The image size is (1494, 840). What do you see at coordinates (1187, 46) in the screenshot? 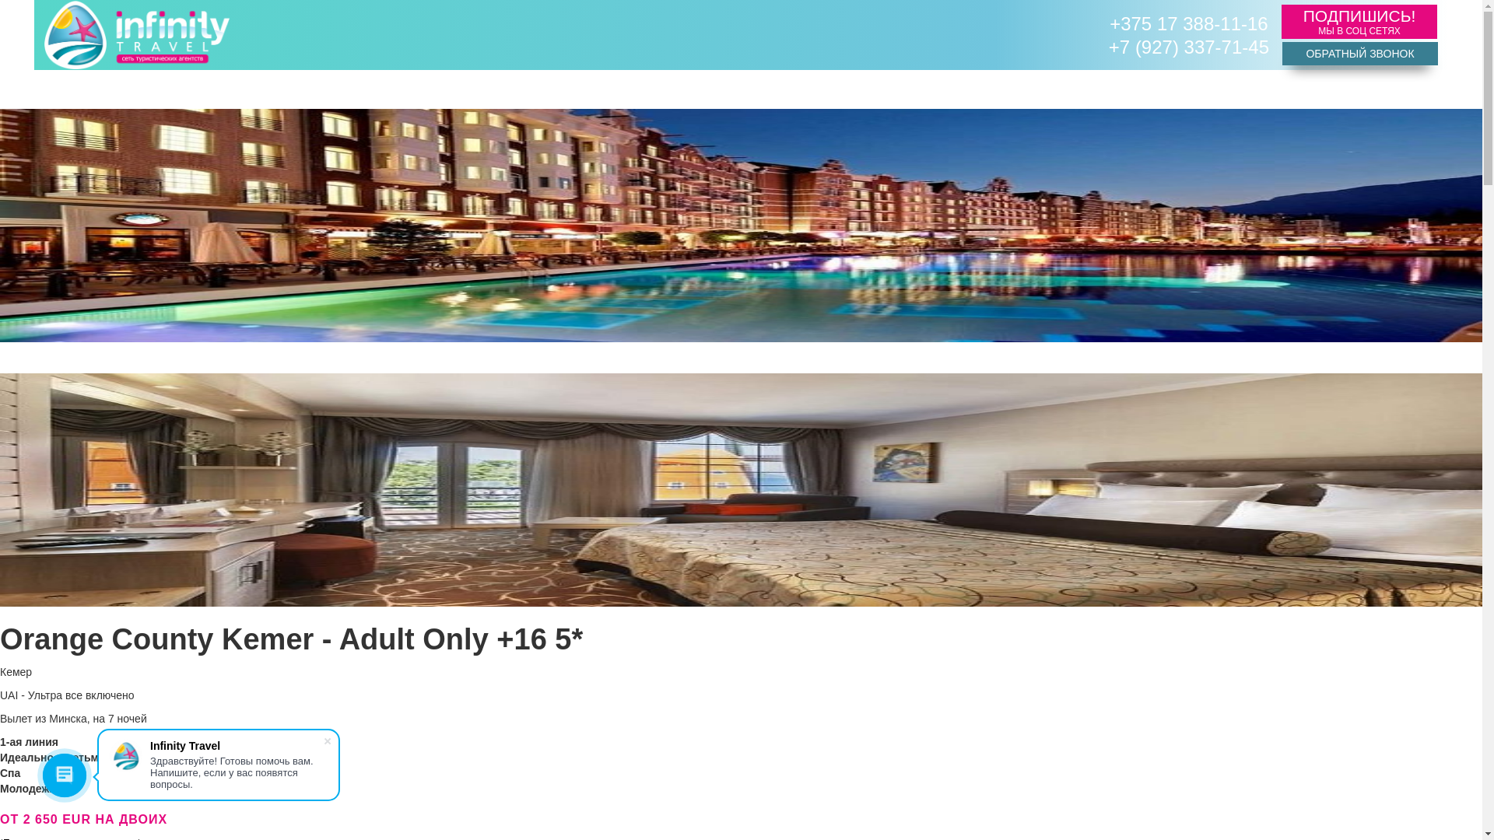
I see `'+7 (927) 337-71-45'` at bounding box center [1187, 46].